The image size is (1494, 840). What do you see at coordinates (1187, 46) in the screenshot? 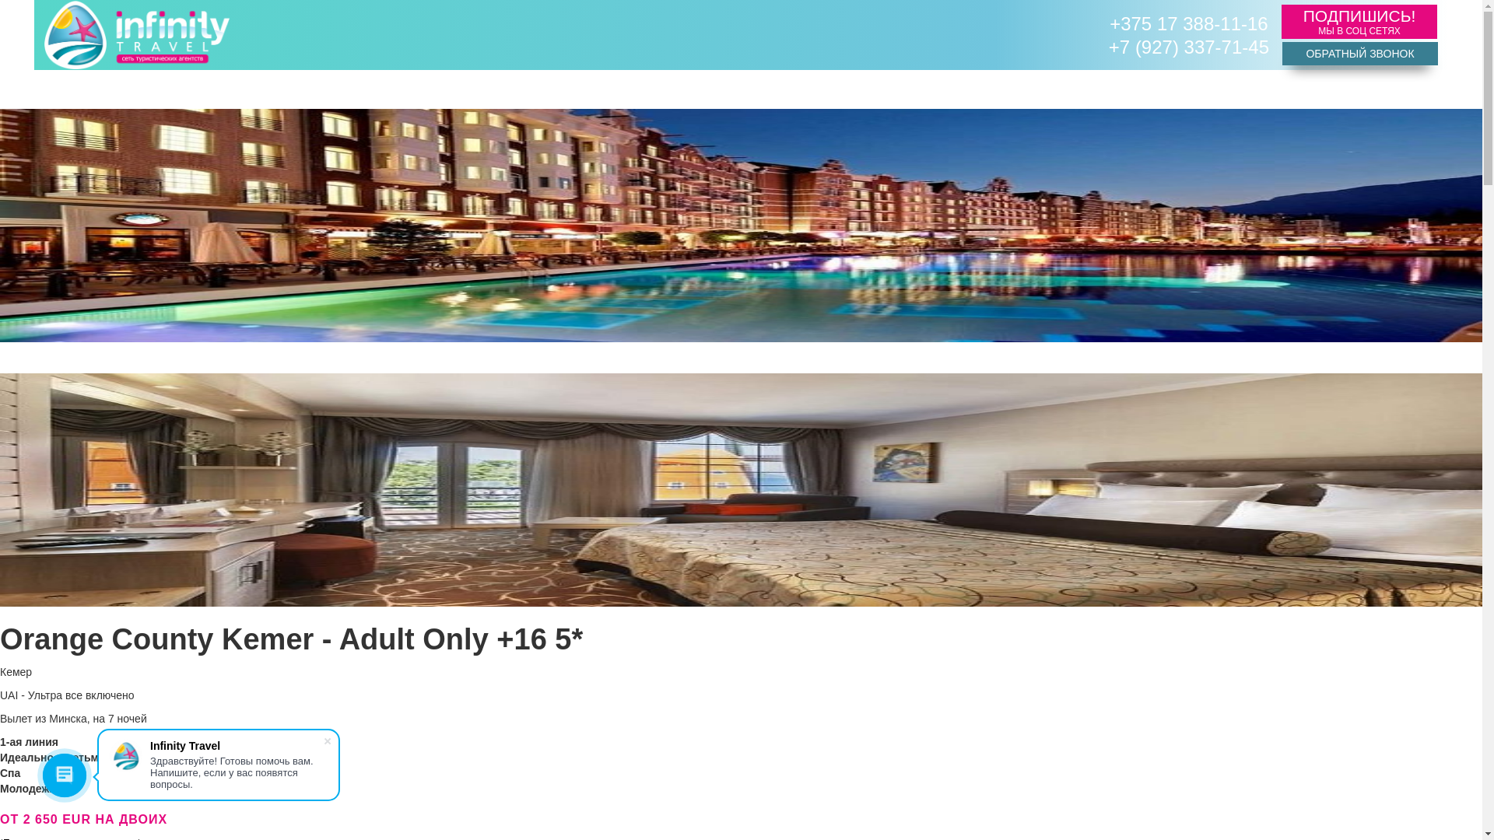
I see `'+7 (927) 337-71-45'` at bounding box center [1187, 46].